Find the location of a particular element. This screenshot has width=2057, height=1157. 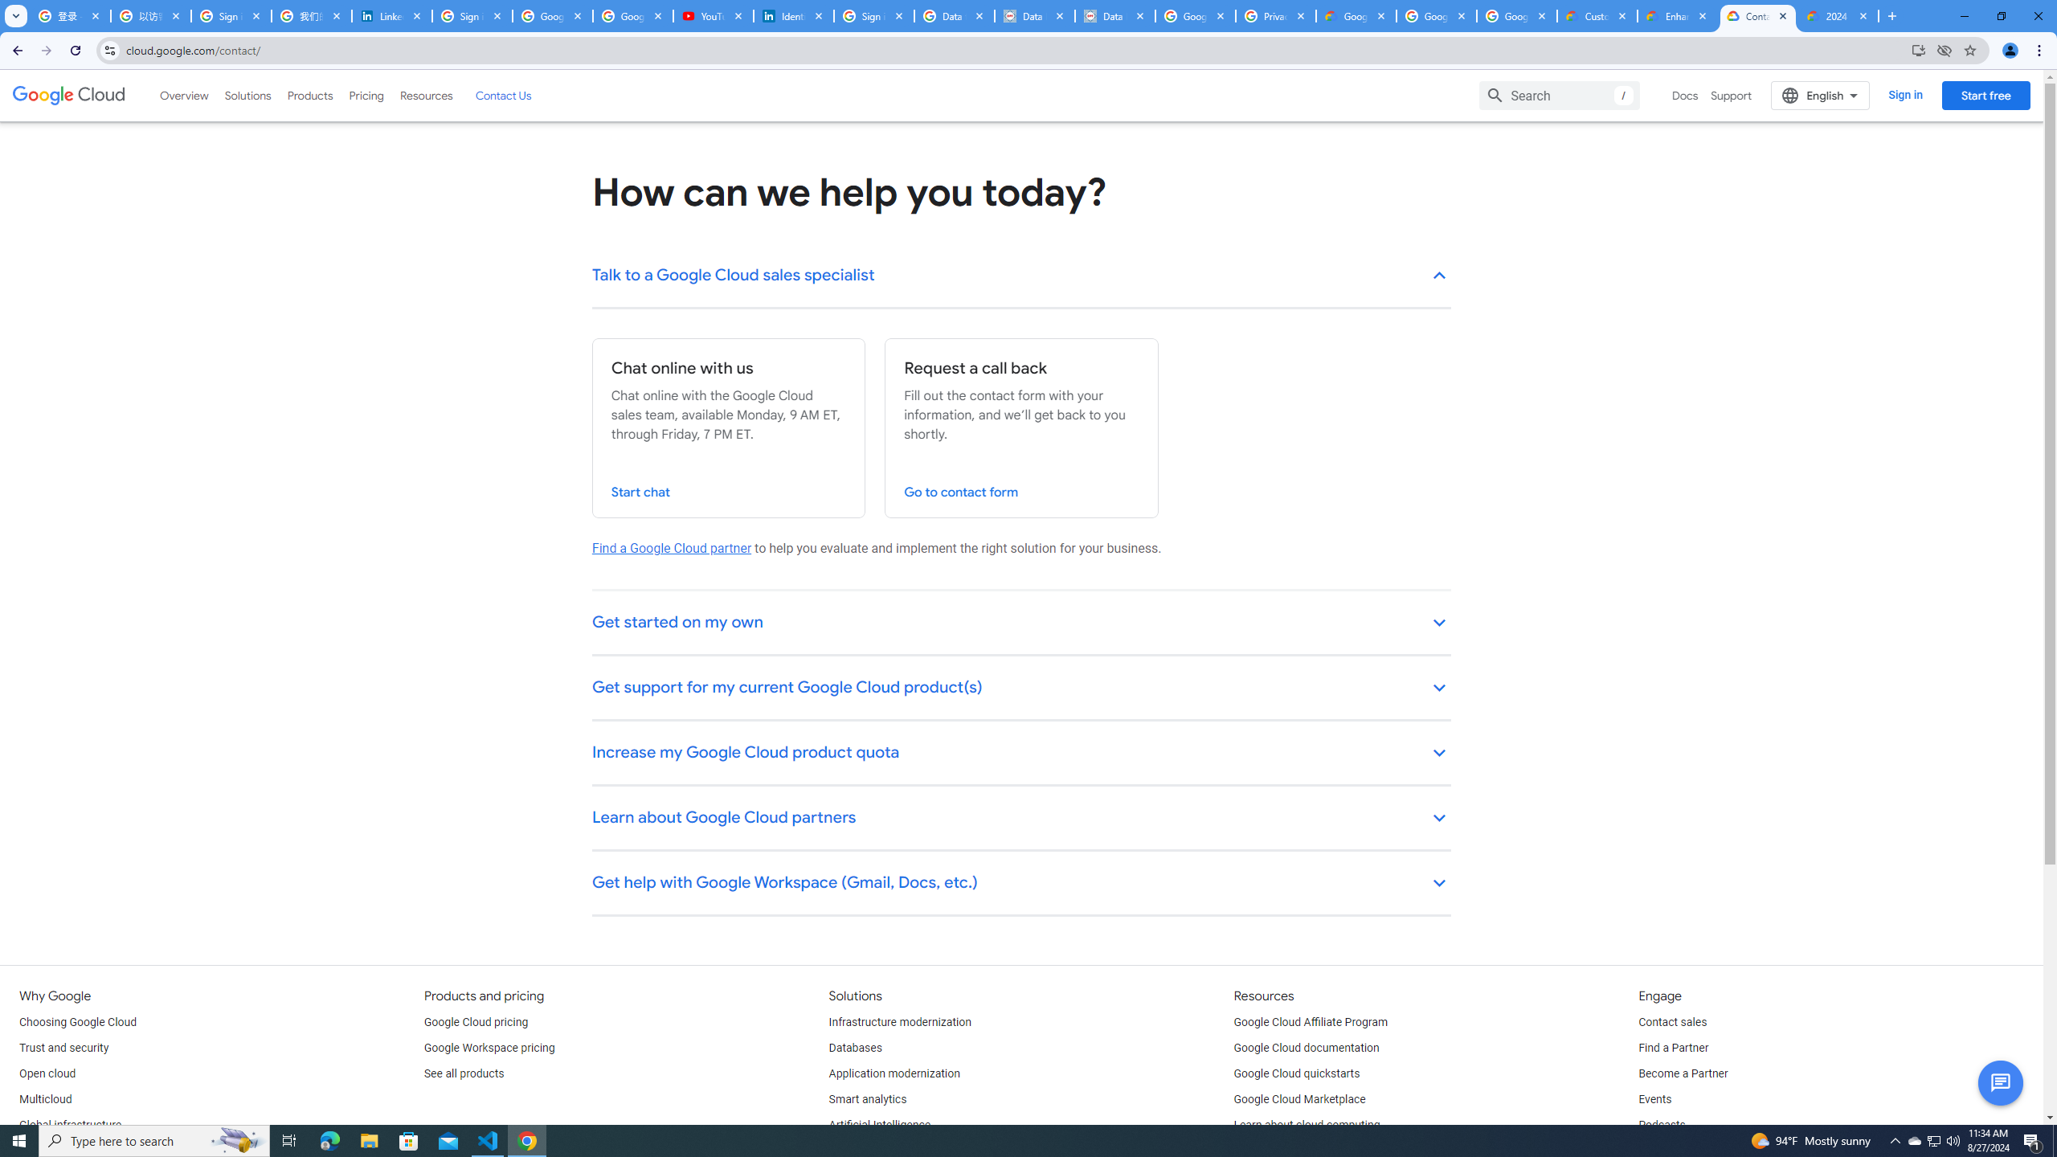

'Infrastructure modernization' is located at coordinates (901, 1021).